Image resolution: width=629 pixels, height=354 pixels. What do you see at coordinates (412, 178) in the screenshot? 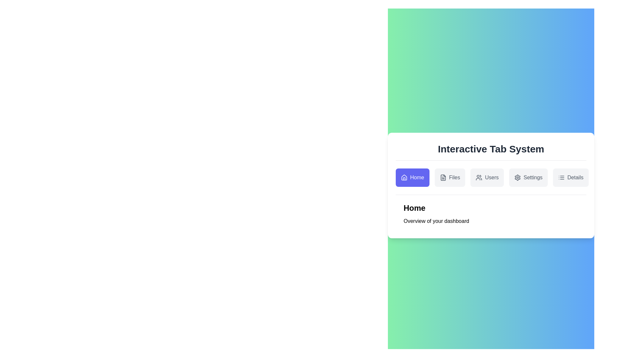
I see `the home navigation button located at the top center of the interface` at bounding box center [412, 178].